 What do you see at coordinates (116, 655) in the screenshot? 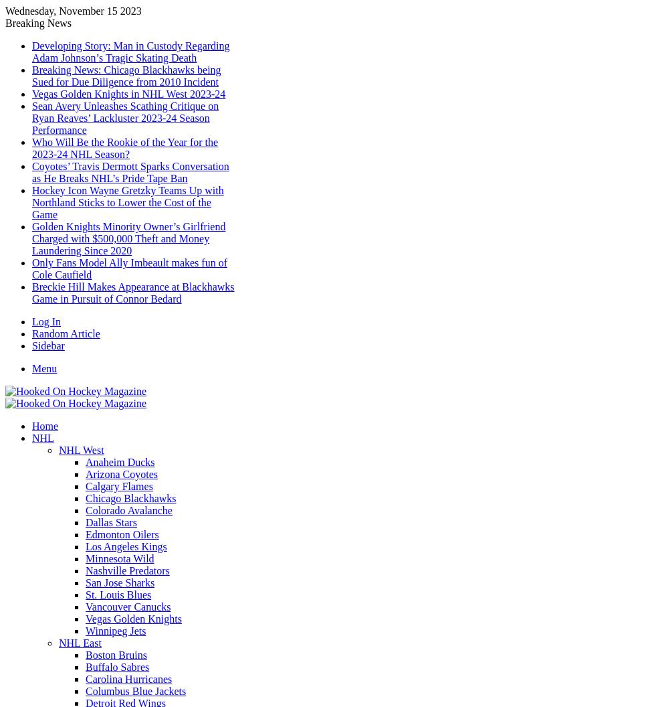
I see `'Boston Bruins'` at bounding box center [116, 655].